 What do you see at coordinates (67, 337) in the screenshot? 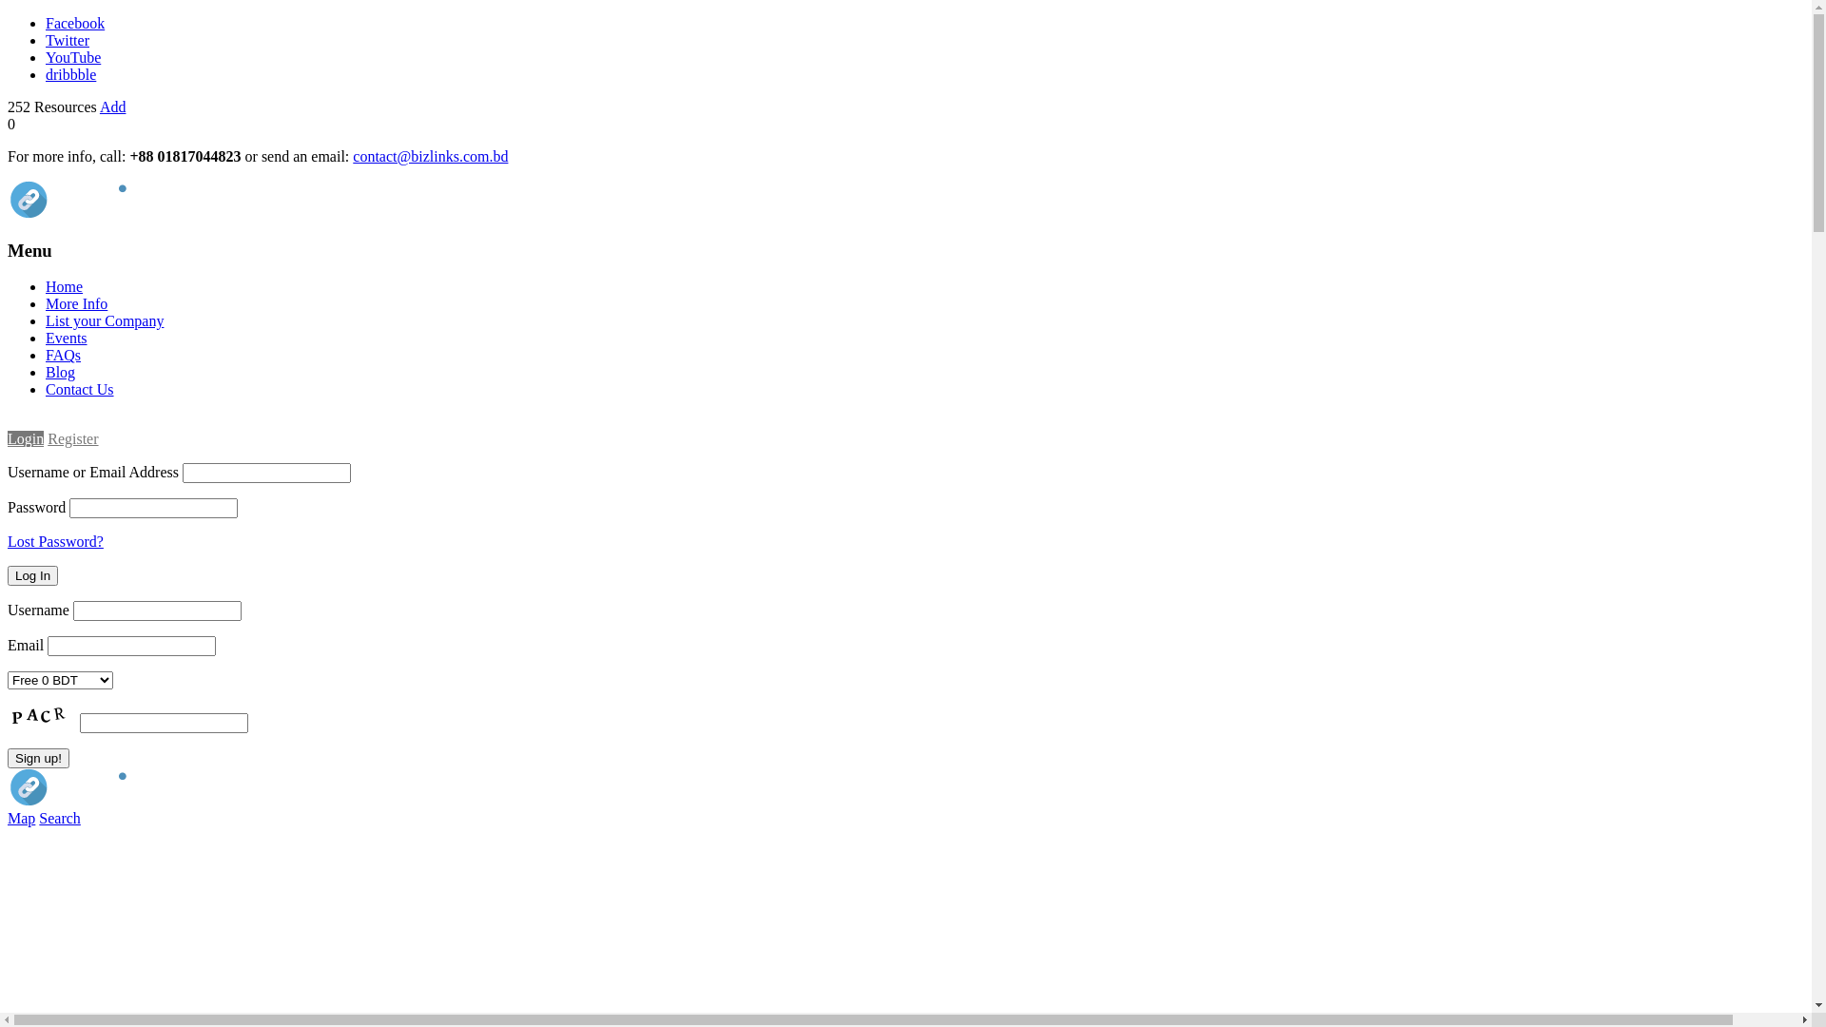
I see `'Events'` at bounding box center [67, 337].